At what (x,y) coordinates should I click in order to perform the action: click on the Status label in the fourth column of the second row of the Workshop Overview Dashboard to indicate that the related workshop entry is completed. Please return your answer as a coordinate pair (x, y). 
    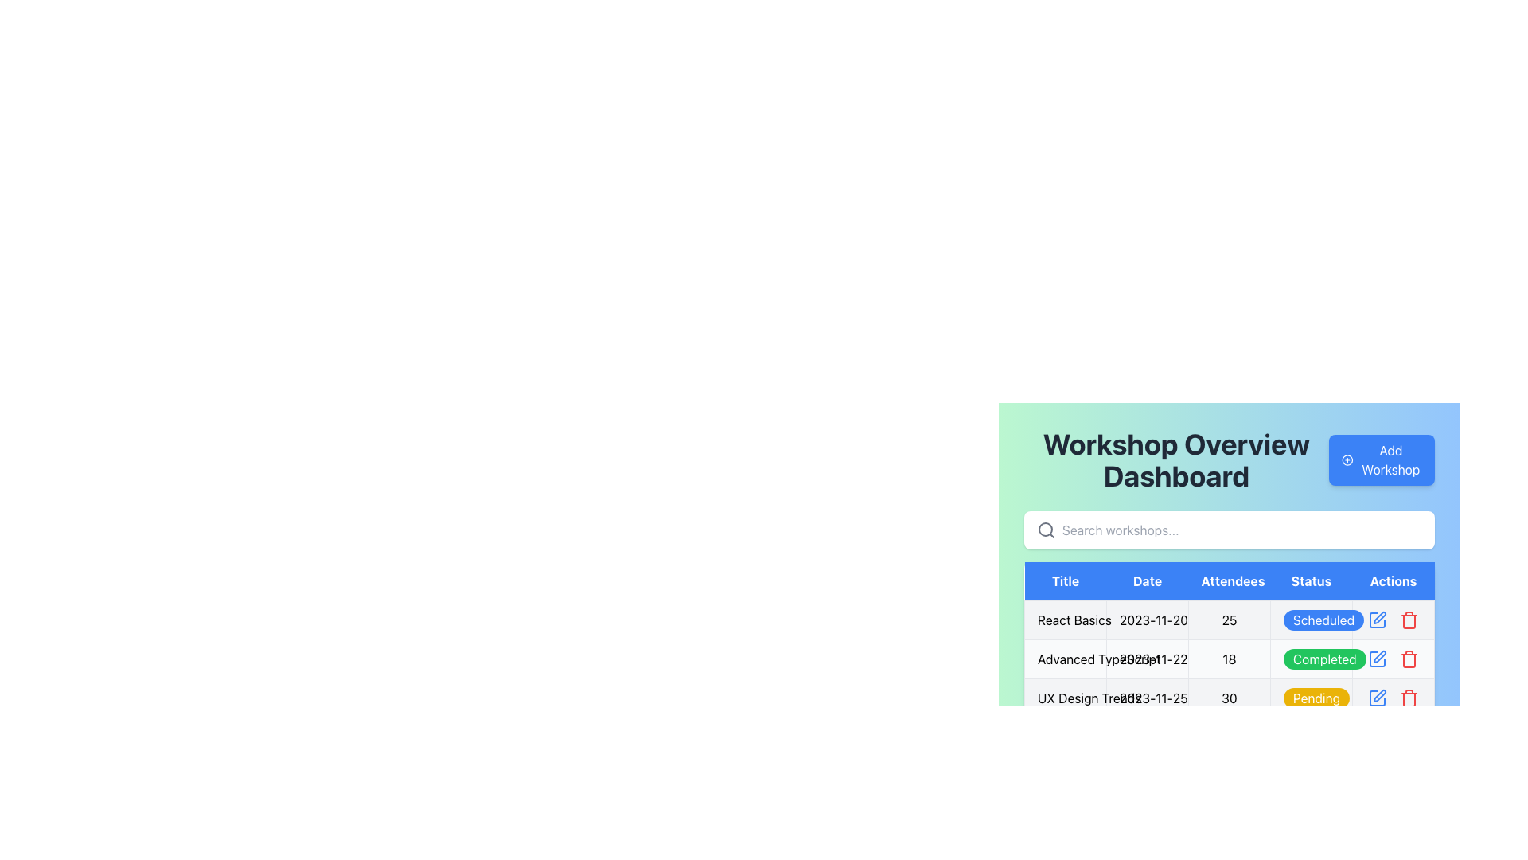
    Looking at the image, I should click on (1324, 659).